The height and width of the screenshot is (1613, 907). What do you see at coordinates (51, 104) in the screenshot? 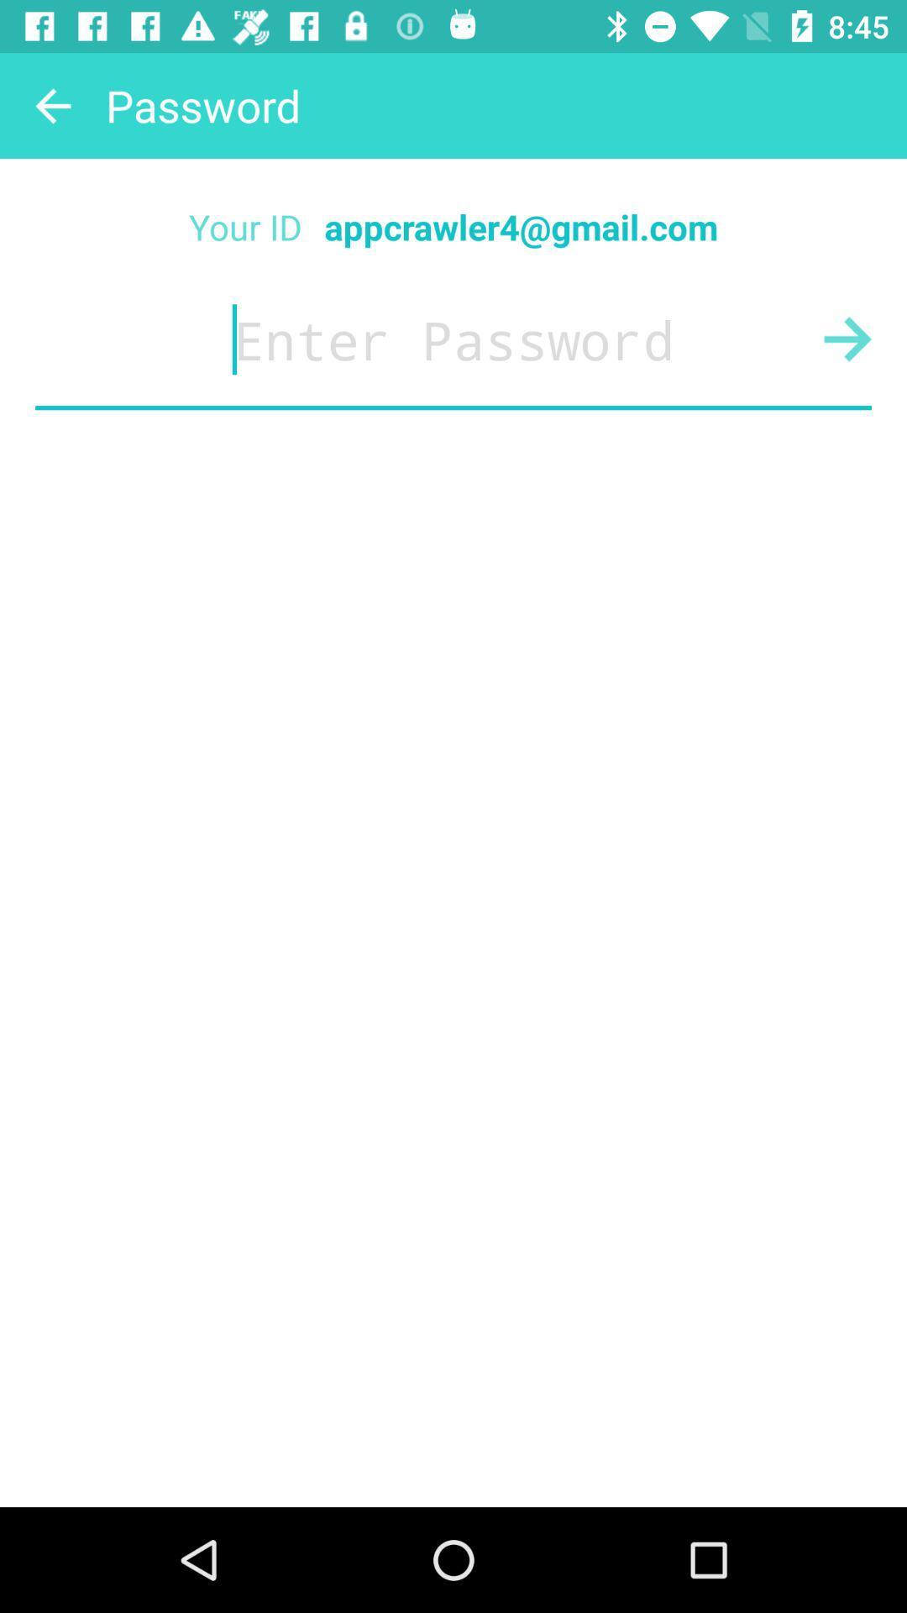
I see `icon to the left of password item` at bounding box center [51, 104].